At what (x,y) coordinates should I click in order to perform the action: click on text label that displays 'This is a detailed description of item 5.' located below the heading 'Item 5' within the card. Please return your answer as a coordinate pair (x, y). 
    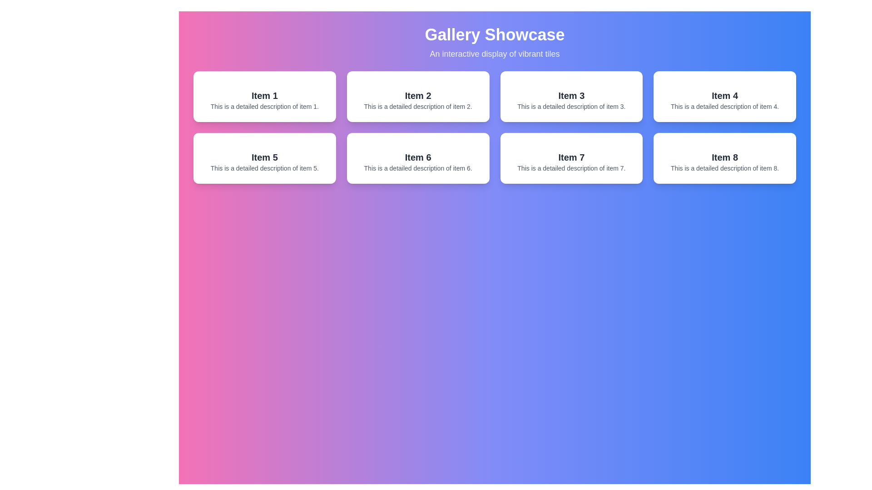
    Looking at the image, I should click on (264, 168).